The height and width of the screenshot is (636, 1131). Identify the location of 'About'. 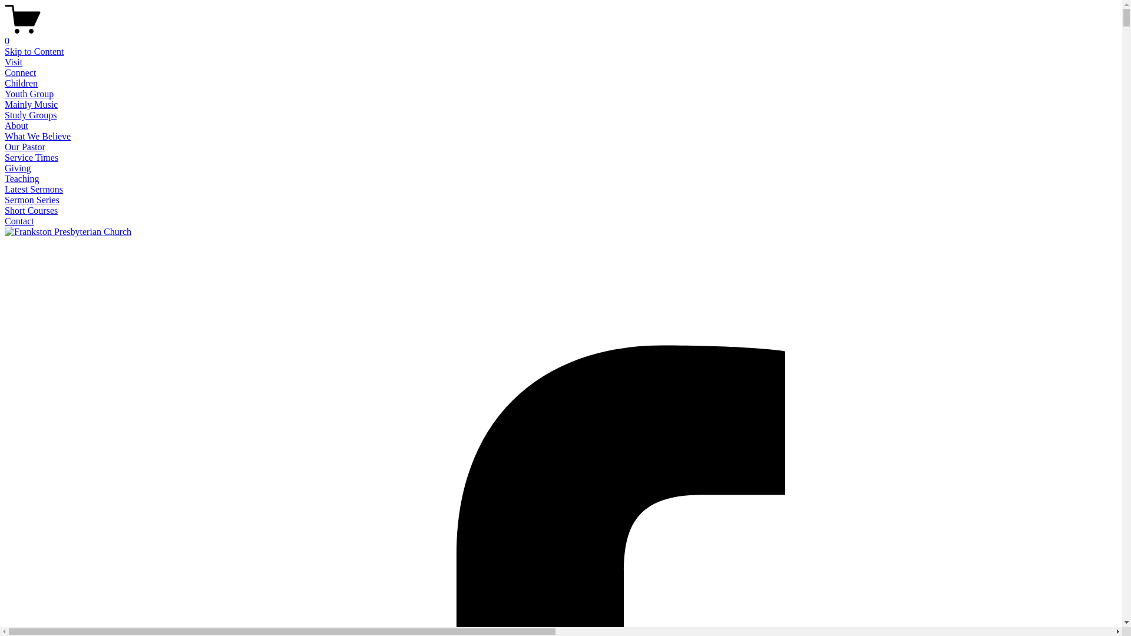
(16, 125).